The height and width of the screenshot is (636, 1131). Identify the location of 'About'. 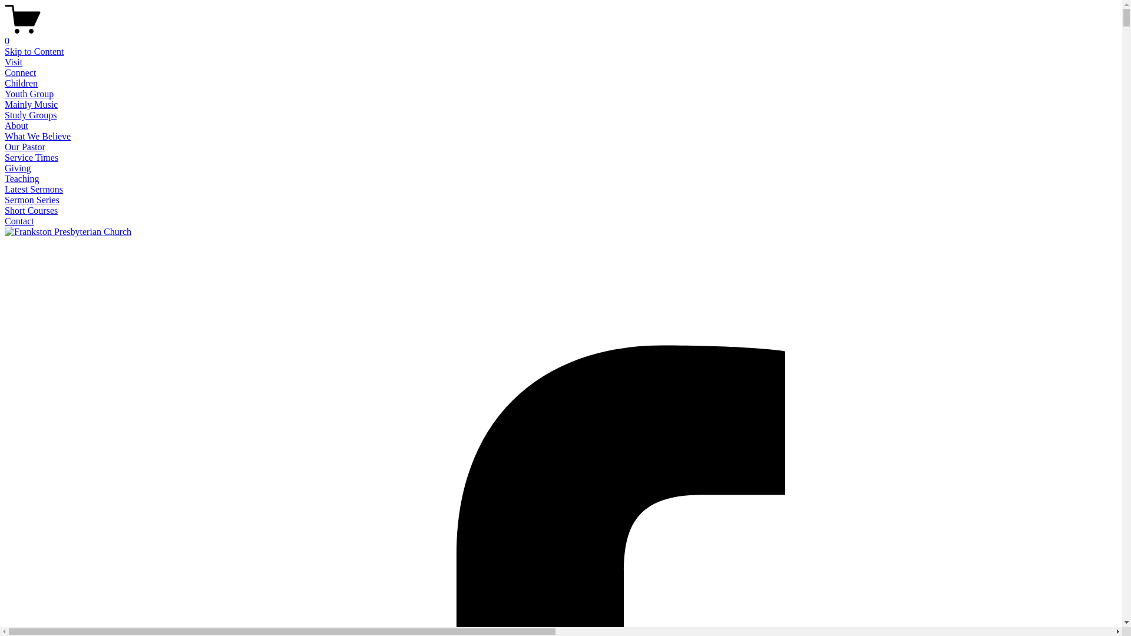
(16, 125).